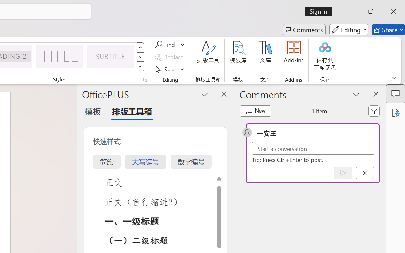 This screenshot has height=253, width=405. What do you see at coordinates (364, 173) in the screenshot?
I see `'Cancel'` at bounding box center [364, 173].